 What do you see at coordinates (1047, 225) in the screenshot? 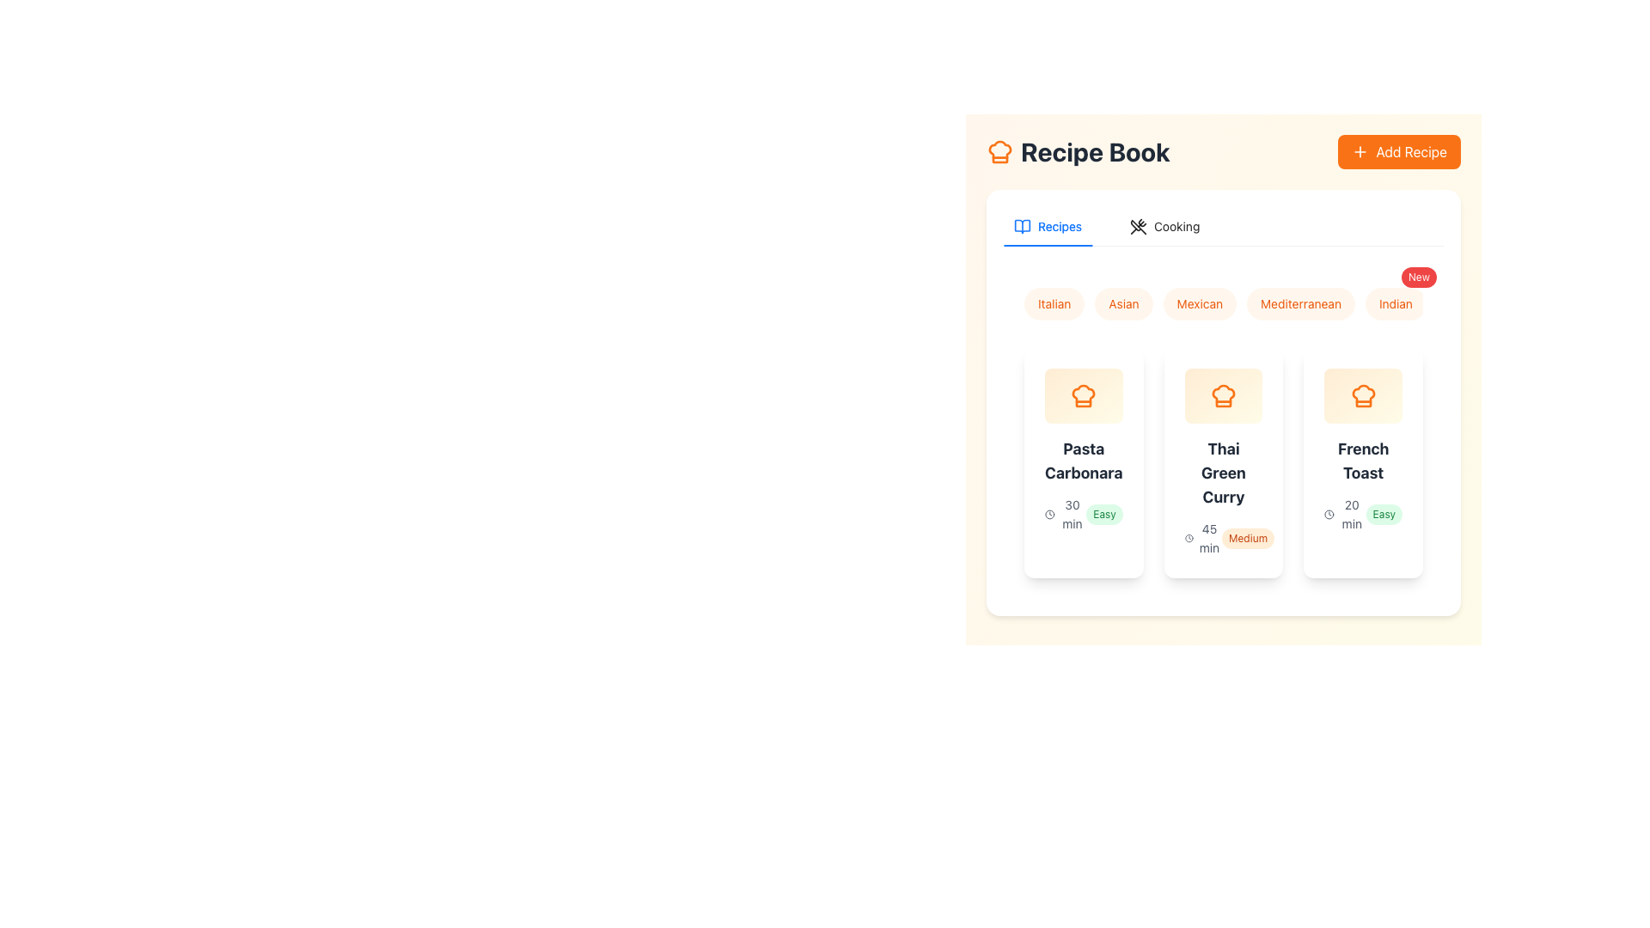
I see `the 'Recipes' navigation tab located below the 'Recipe Book' title` at bounding box center [1047, 225].